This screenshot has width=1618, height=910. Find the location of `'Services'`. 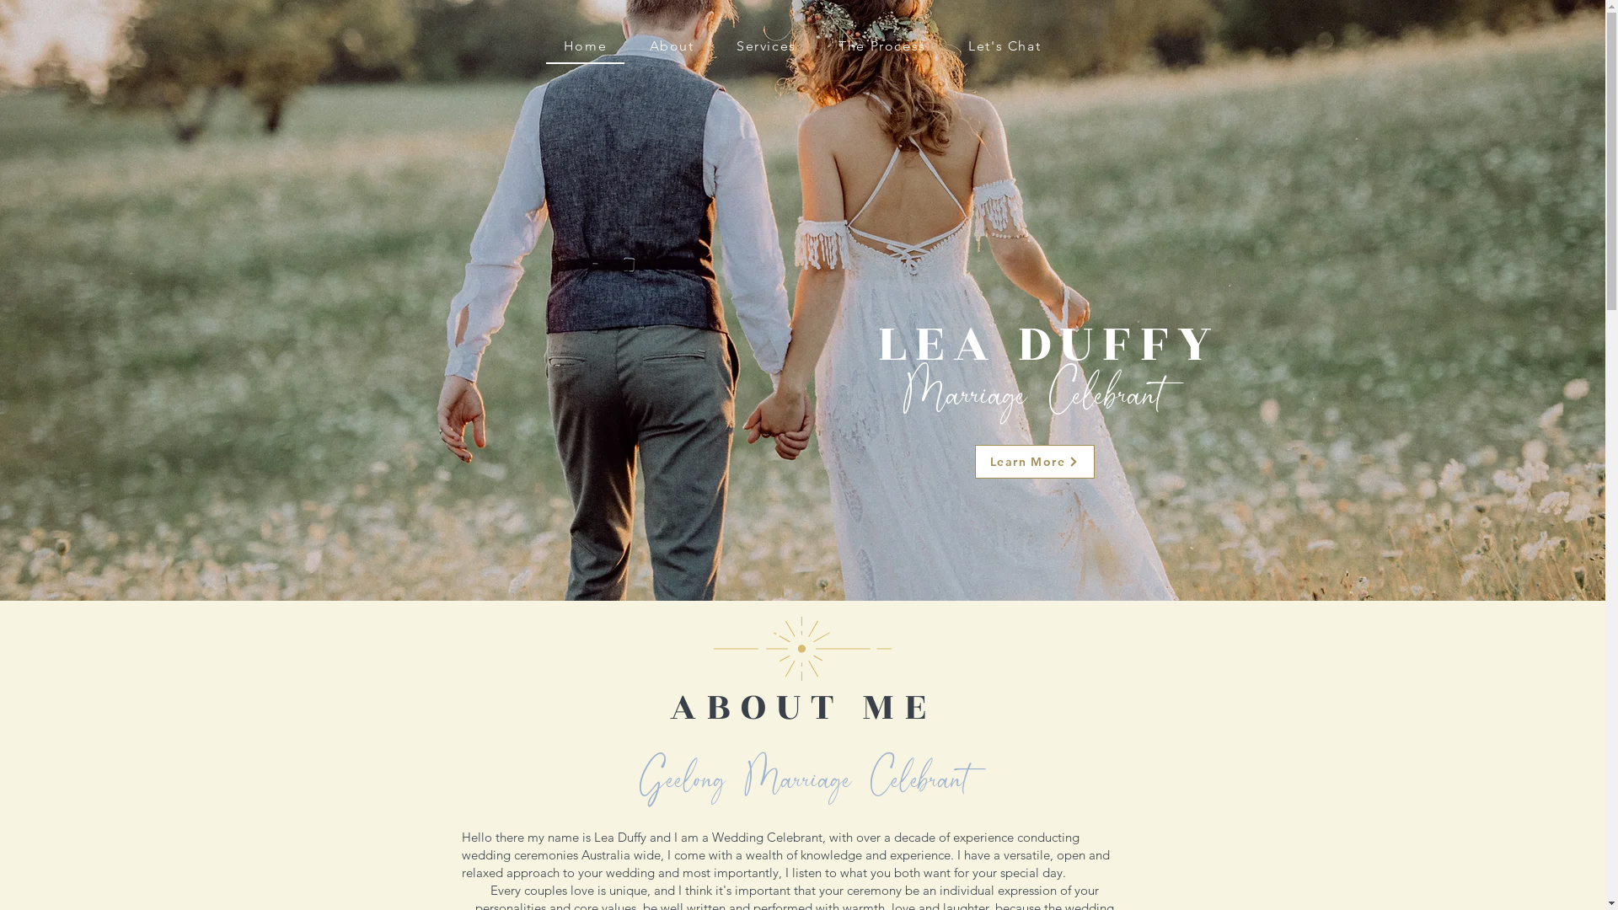

'Services' is located at coordinates (719, 45).